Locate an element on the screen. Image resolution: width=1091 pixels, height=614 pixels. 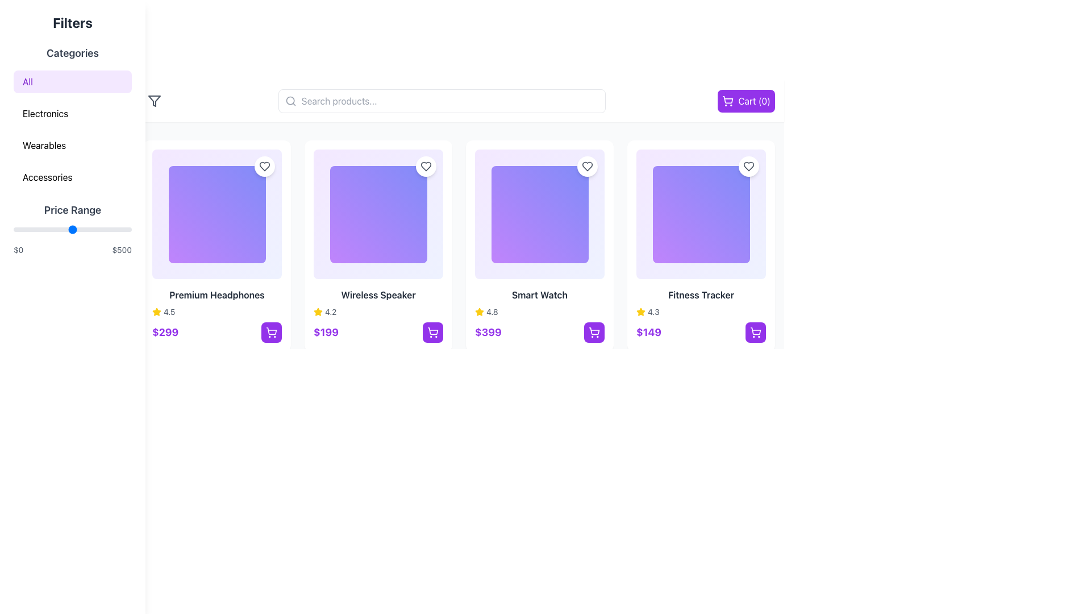
the Rating display component of the 'Wireless Speaker' product is located at coordinates (378, 312).